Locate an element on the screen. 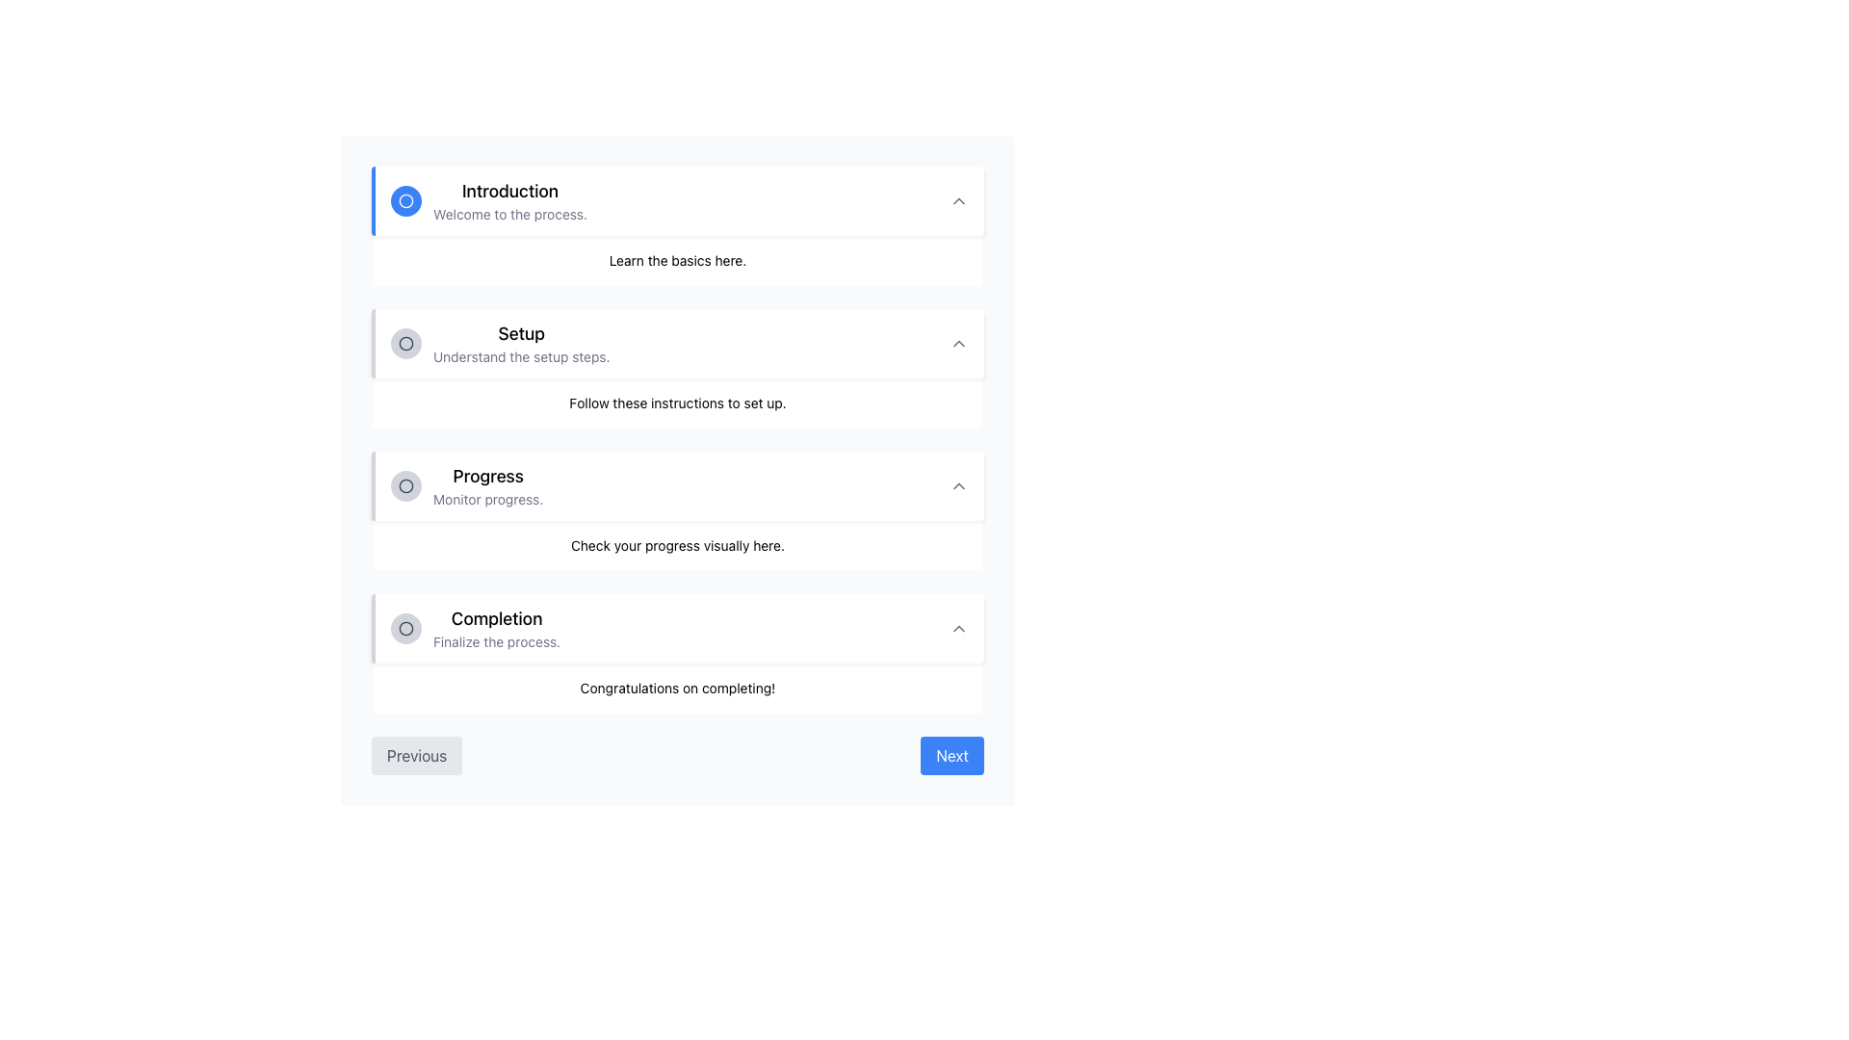 The height and width of the screenshot is (1040, 1849). the Chevron toggle button on the far-right side of the 'Completion' section is located at coordinates (959, 628).